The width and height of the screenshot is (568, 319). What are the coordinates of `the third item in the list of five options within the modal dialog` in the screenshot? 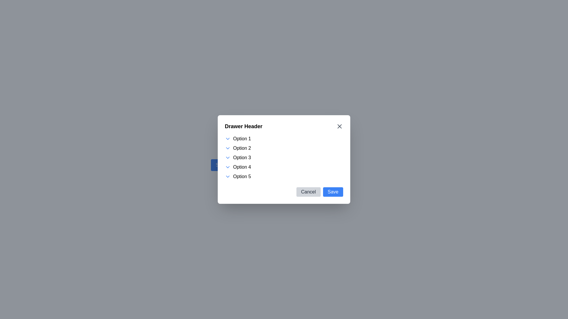 It's located at (284, 157).